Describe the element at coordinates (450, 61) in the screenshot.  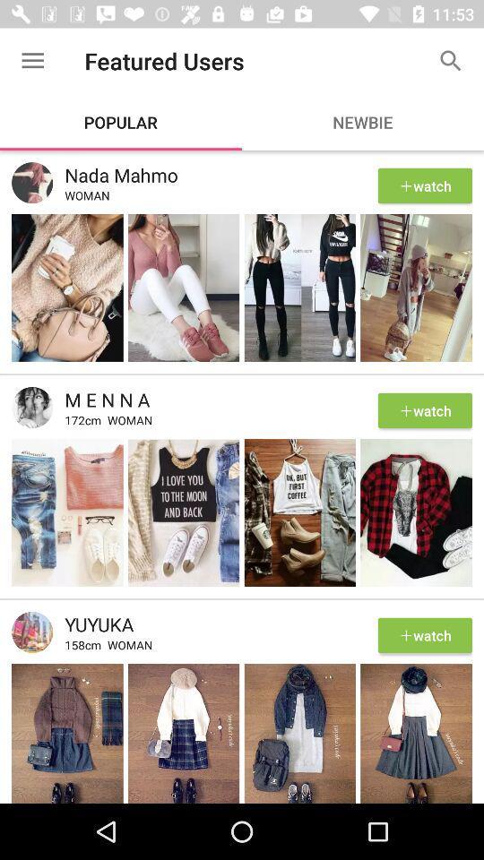
I see `the icon next to the featured users icon` at that location.